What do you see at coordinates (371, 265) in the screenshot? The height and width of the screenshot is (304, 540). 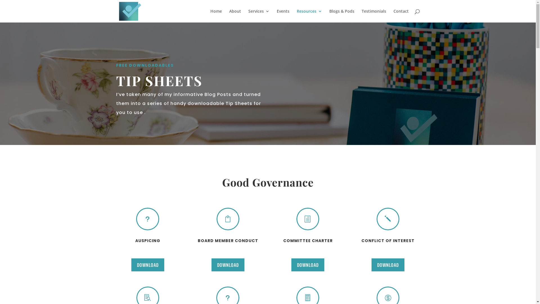 I see `'DOWNLOAD'` at bounding box center [371, 265].